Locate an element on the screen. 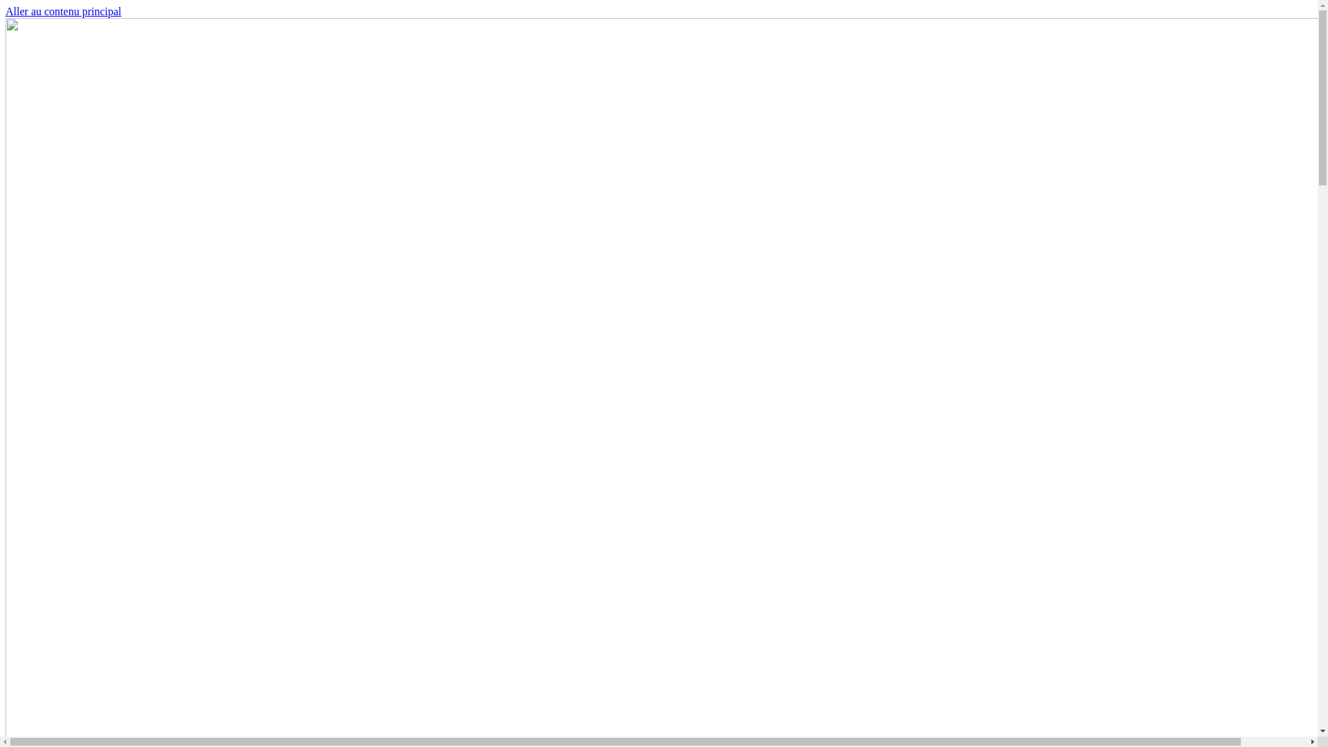  'Aller au contenu principal' is located at coordinates (62, 11).